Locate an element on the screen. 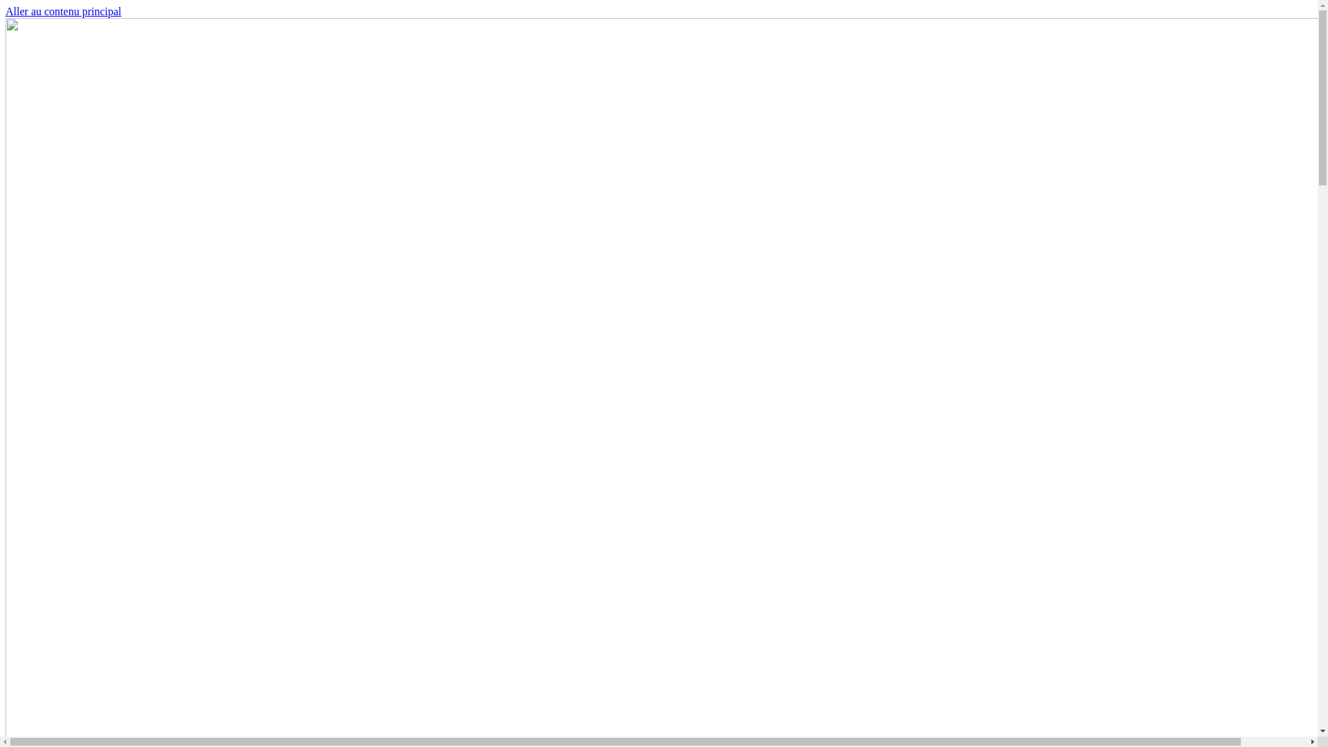  'Aller au contenu principal' is located at coordinates (62, 11).